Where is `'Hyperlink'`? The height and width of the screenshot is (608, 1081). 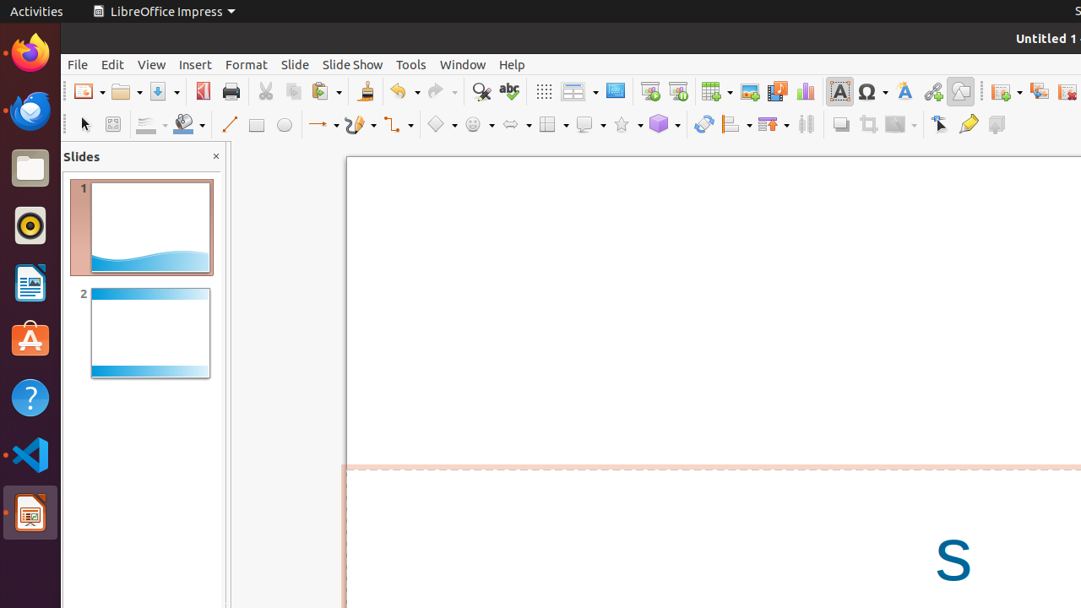 'Hyperlink' is located at coordinates (932, 91).